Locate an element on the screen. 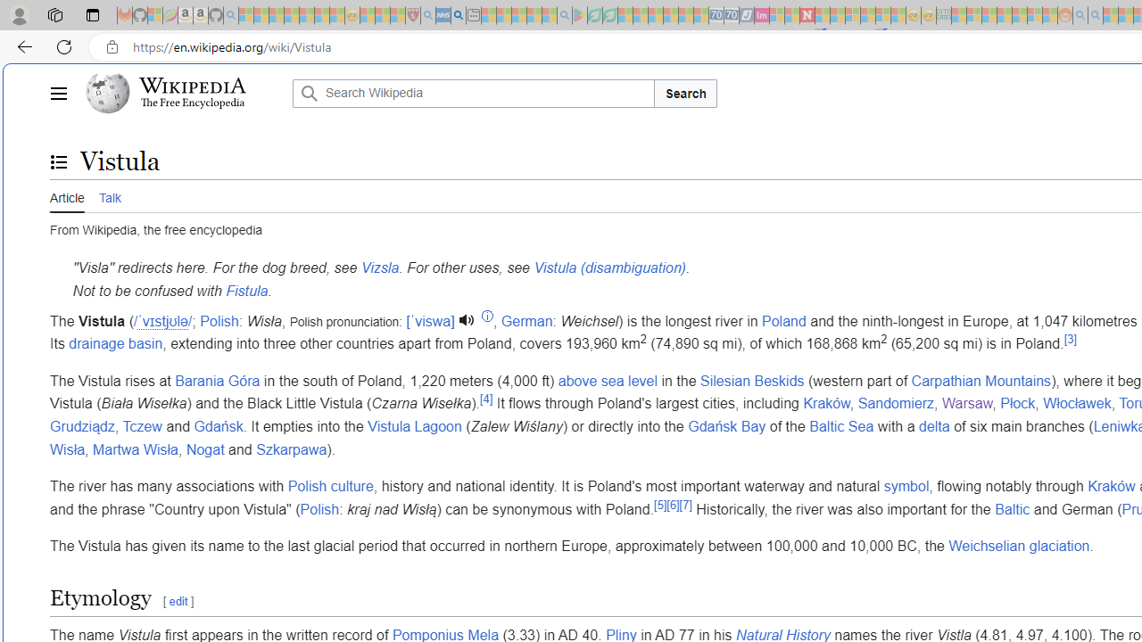 The image size is (1142, 642). 'Vizsla' is located at coordinates (379, 268).